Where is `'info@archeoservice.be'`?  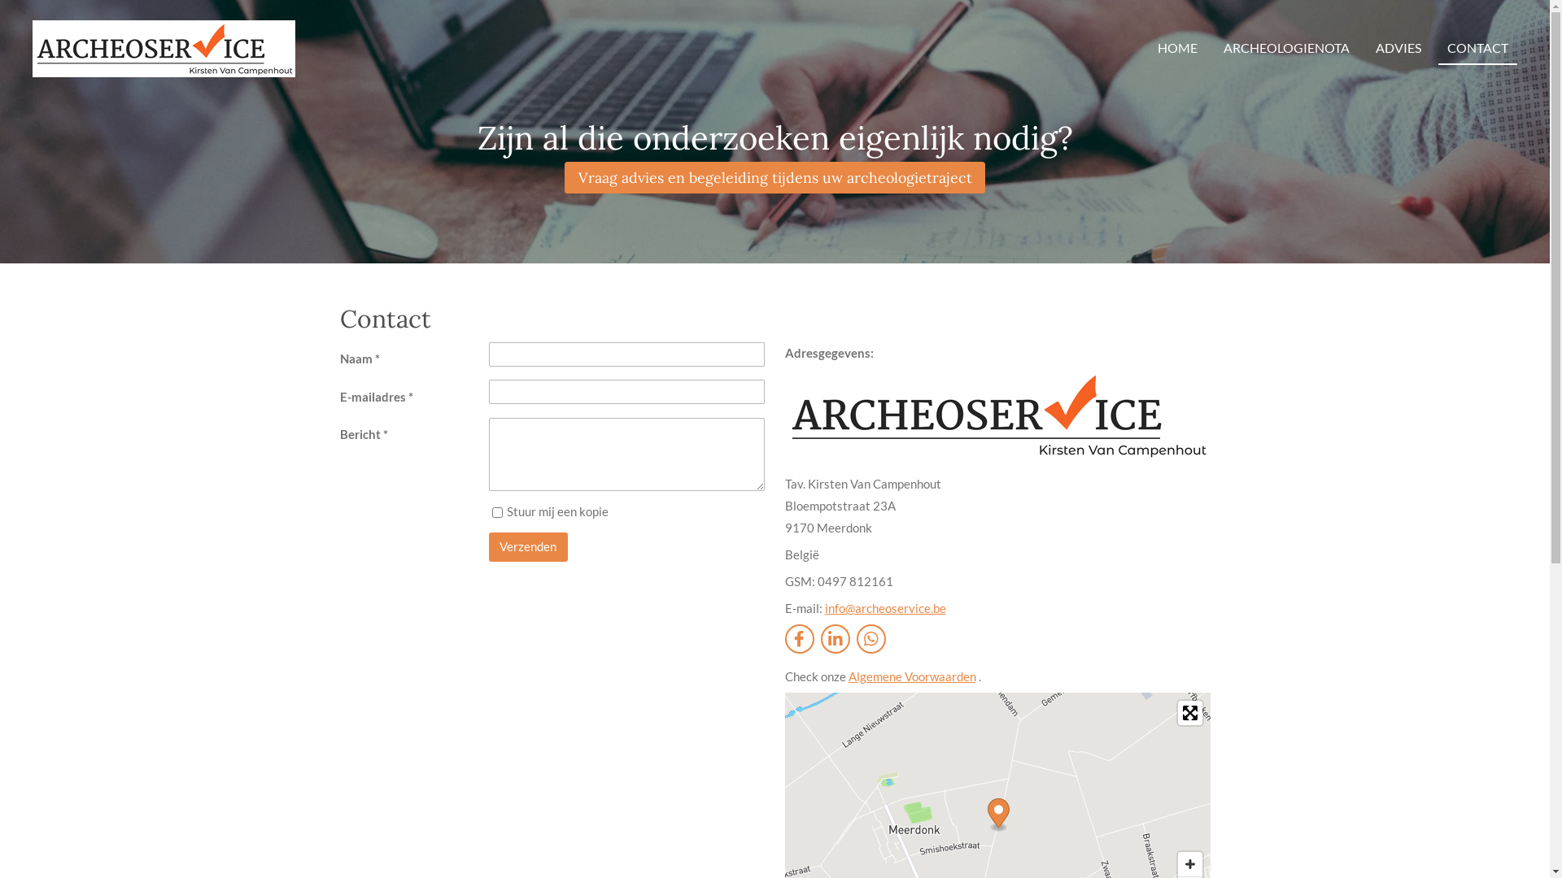 'info@archeoservice.be' is located at coordinates (884, 607).